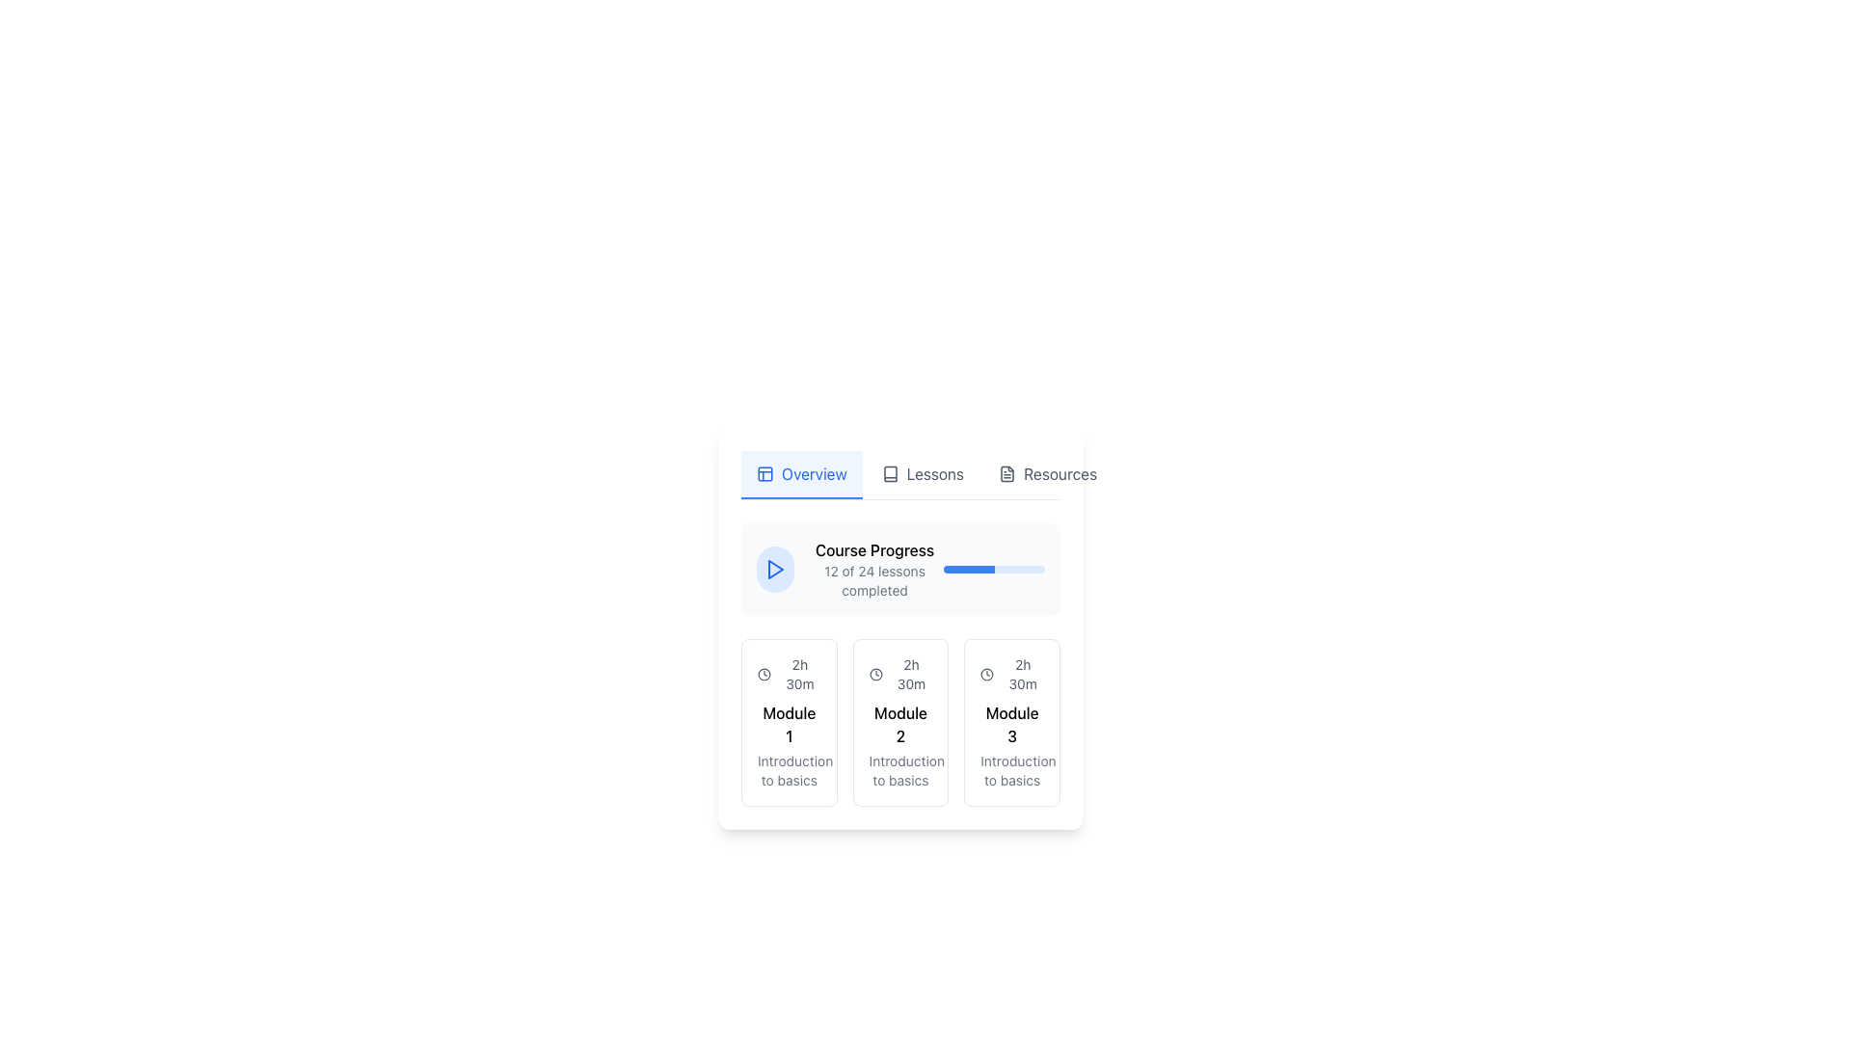 The height and width of the screenshot is (1041, 1851). What do you see at coordinates (814, 474) in the screenshot?
I see `the 'Overview' text label, which is part of a navigation bar and displayed in bold, blue font on a light-blue background` at bounding box center [814, 474].